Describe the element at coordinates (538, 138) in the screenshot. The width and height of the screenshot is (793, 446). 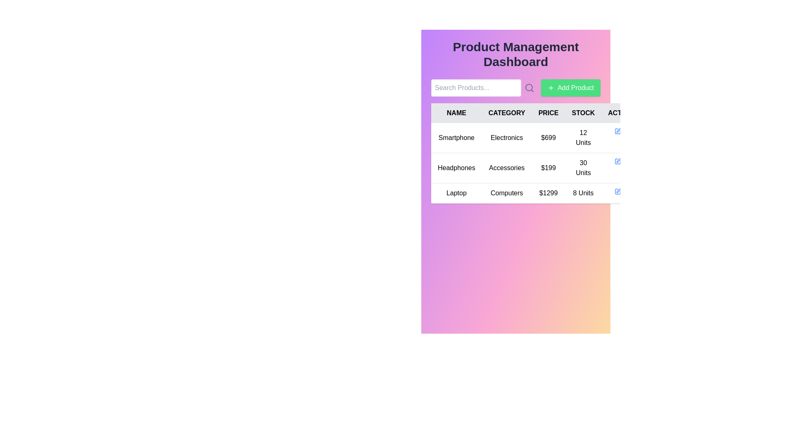
I see `the first data row in the table that displays product details including name, category, price, and stock` at that location.